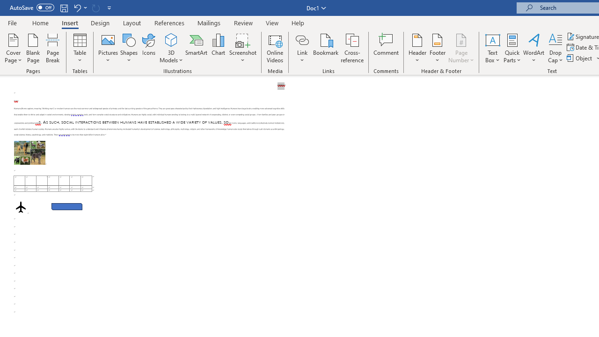 The image size is (599, 337). Describe the element at coordinates (29, 152) in the screenshot. I see `'Morphological variation in six dogs'` at that location.